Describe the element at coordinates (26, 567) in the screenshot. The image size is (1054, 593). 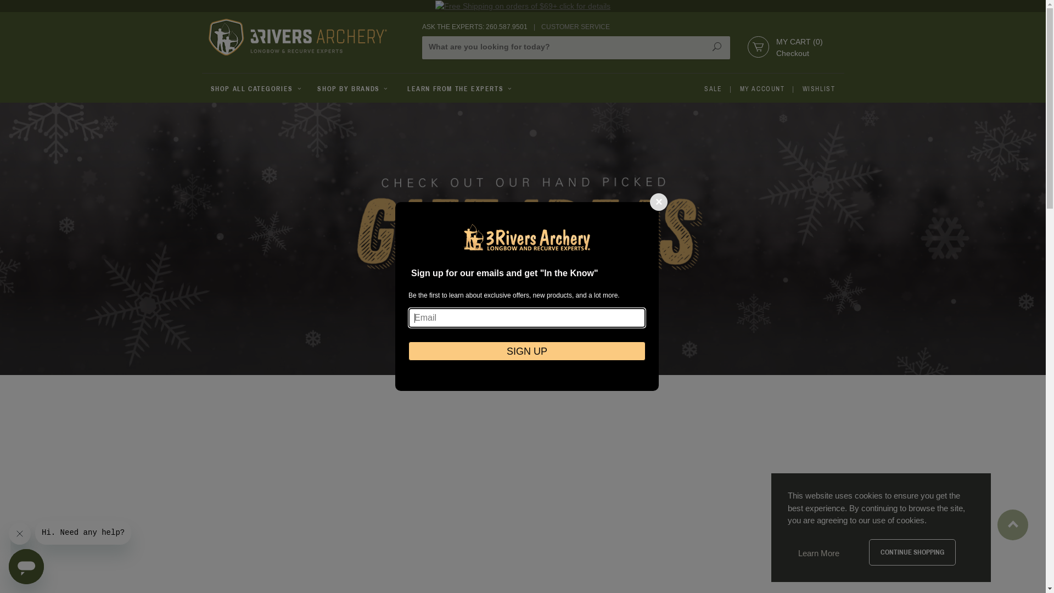
I see `'Button to launch messaging window'` at that location.